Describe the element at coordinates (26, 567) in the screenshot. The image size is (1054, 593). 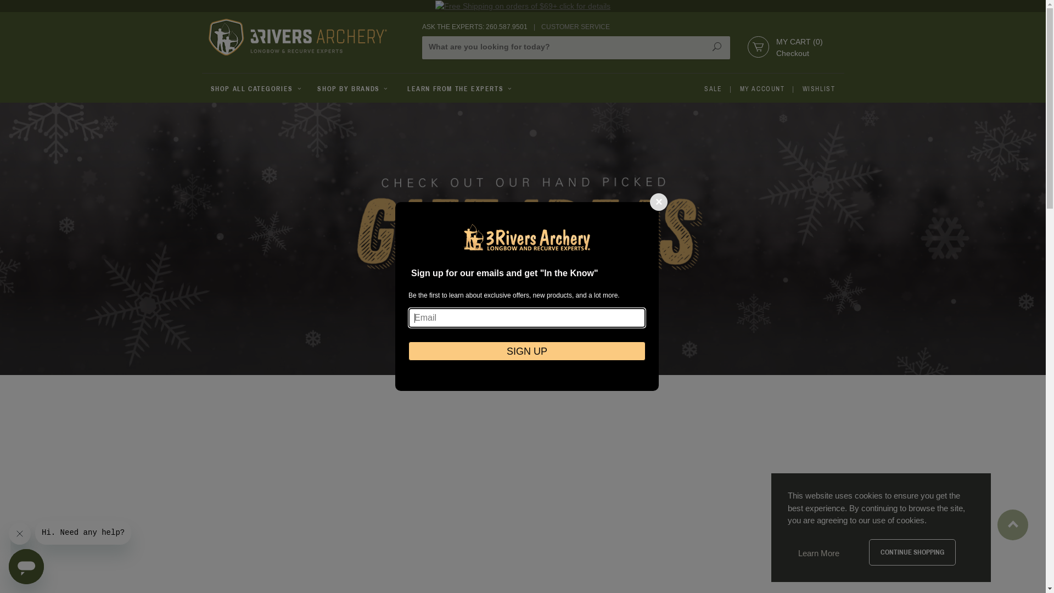
I see `'Button to launch messaging window'` at that location.